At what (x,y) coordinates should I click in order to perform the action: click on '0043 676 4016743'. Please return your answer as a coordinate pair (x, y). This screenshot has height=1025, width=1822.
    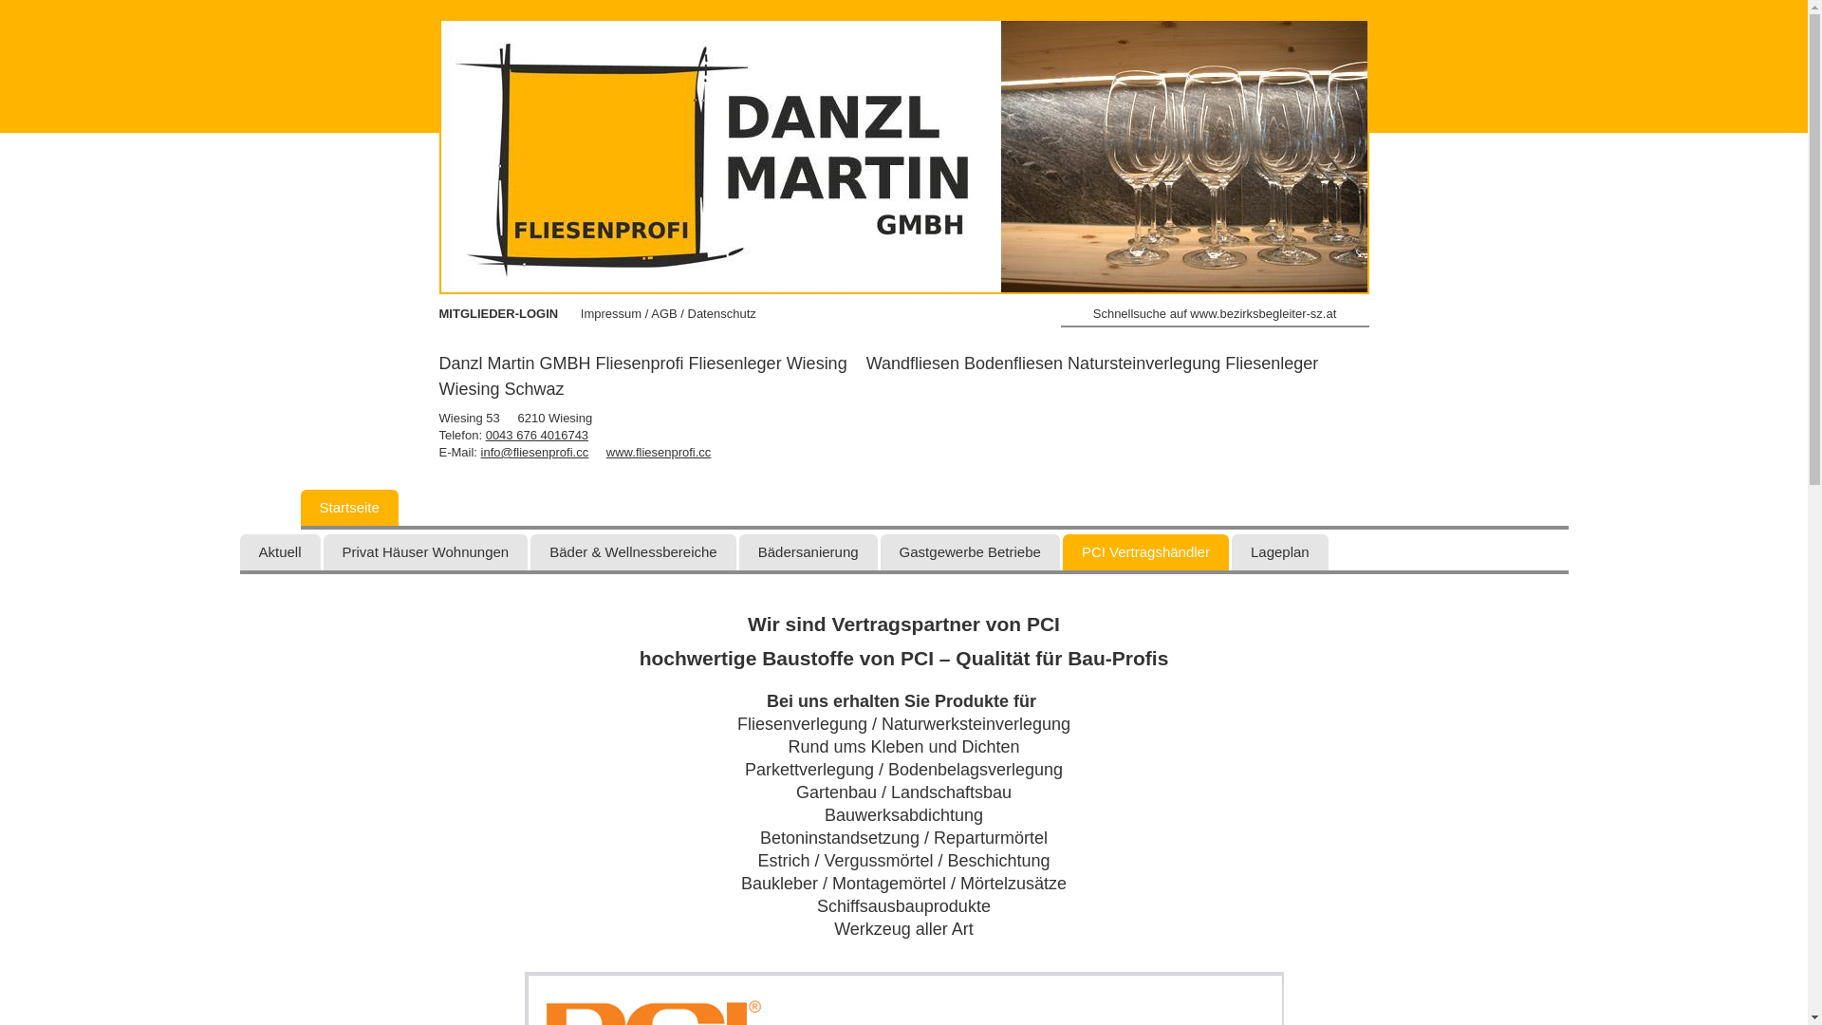
    Looking at the image, I should click on (536, 435).